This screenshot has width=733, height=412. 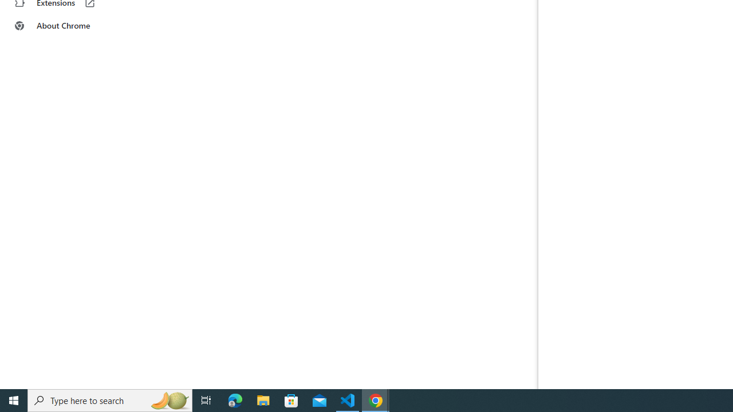 What do you see at coordinates (168, 399) in the screenshot?
I see `'Search highlights icon opens search home window'` at bounding box center [168, 399].